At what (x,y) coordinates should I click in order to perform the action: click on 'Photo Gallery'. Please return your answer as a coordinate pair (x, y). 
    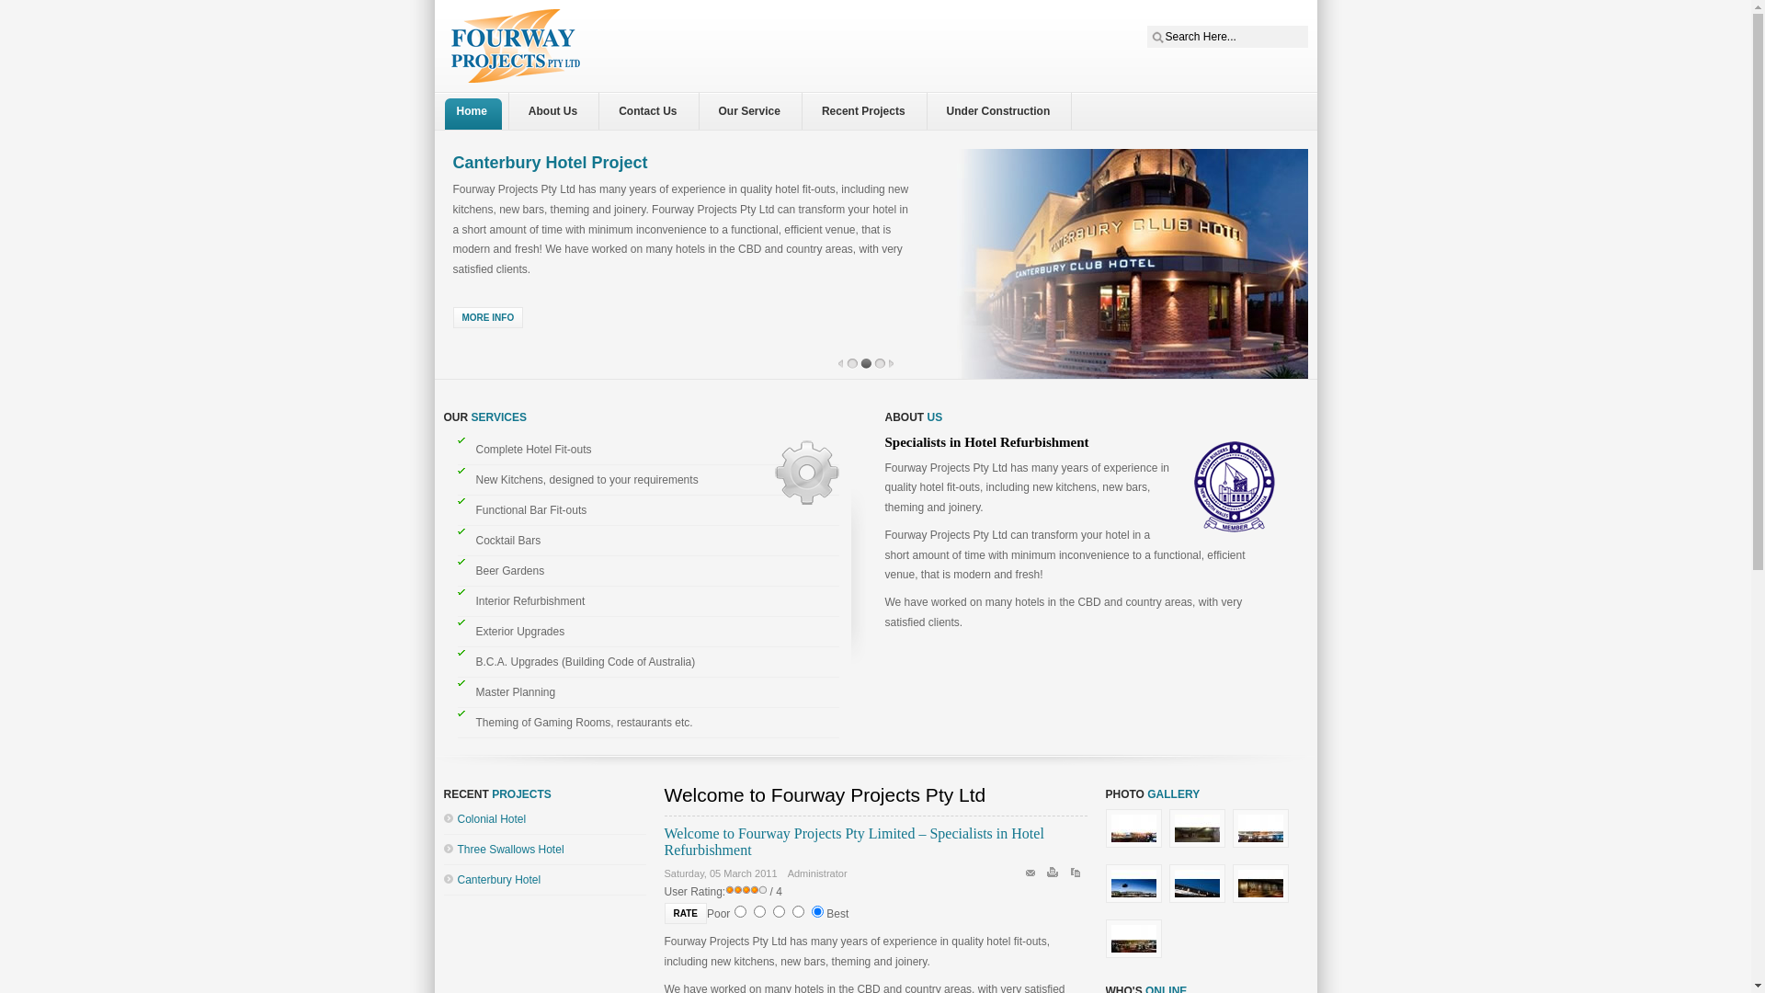
    Looking at the image, I should click on (1135, 848).